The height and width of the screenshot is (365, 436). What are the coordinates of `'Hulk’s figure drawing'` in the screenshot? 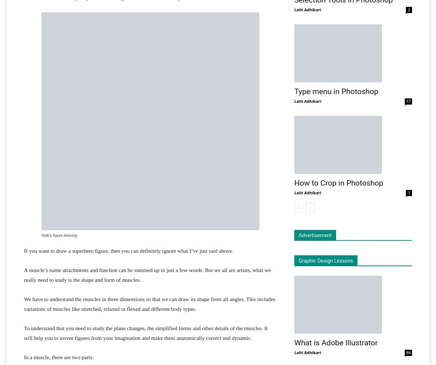 It's located at (58, 235).